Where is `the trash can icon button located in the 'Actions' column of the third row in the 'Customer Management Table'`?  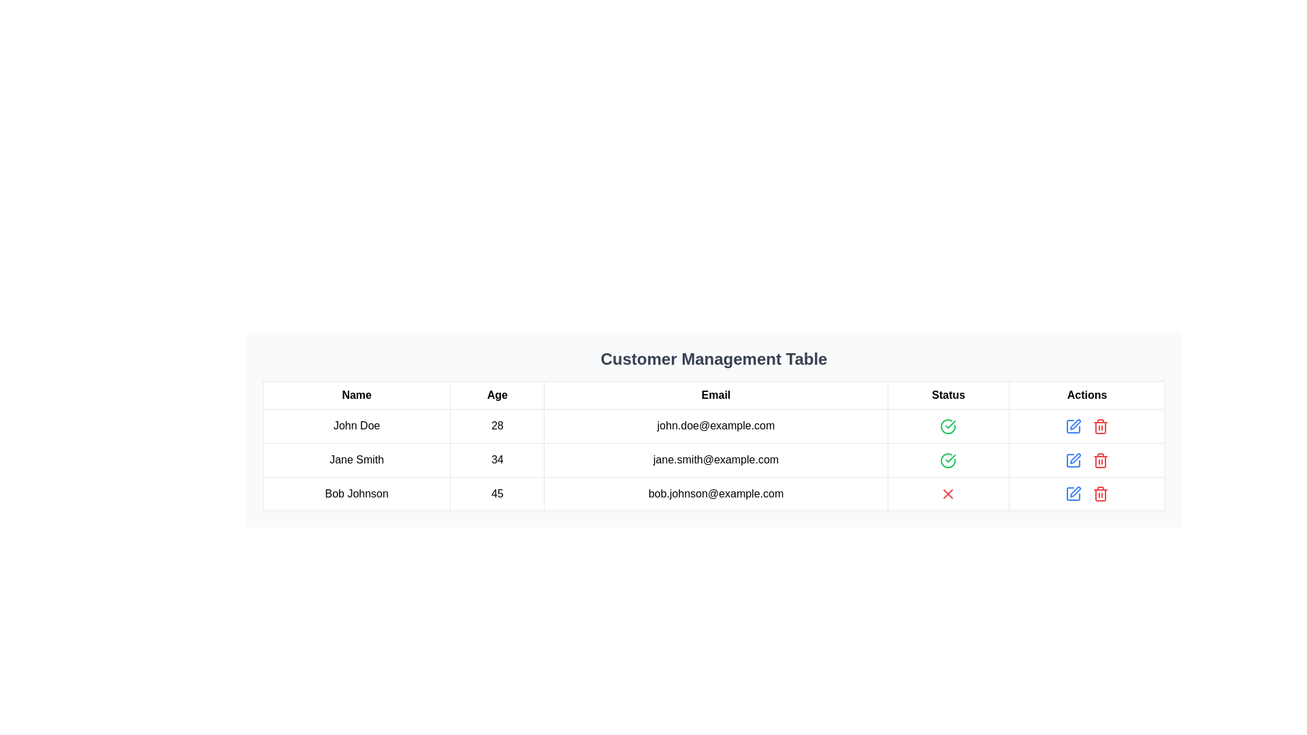
the trash can icon button located in the 'Actions' column of the third row in the 'Customer Management Table' is located at coordinates (1101, 495).